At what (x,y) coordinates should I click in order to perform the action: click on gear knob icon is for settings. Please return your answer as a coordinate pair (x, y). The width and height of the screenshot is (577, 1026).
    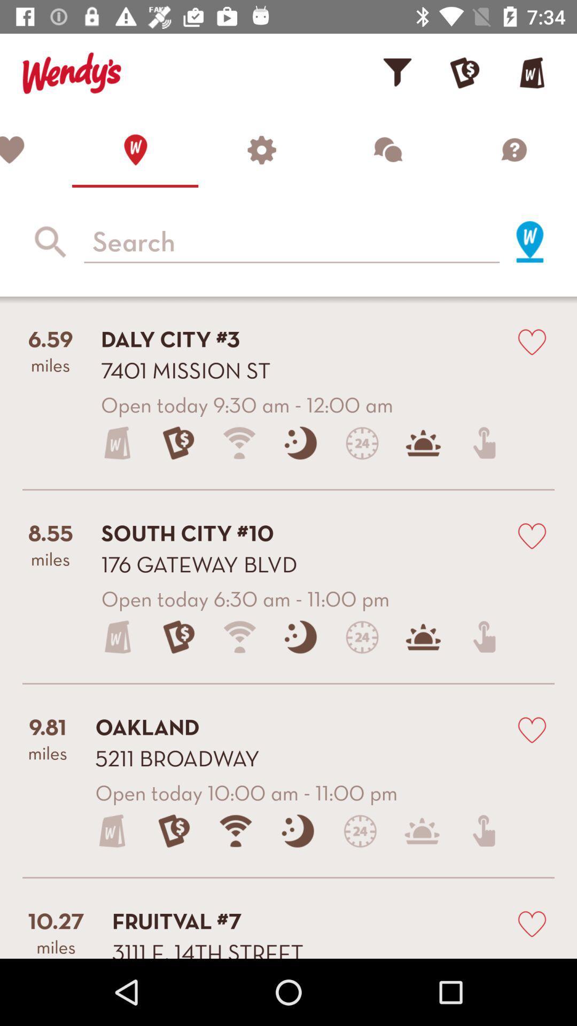
    Looking at the image, I should click on (261, 149).